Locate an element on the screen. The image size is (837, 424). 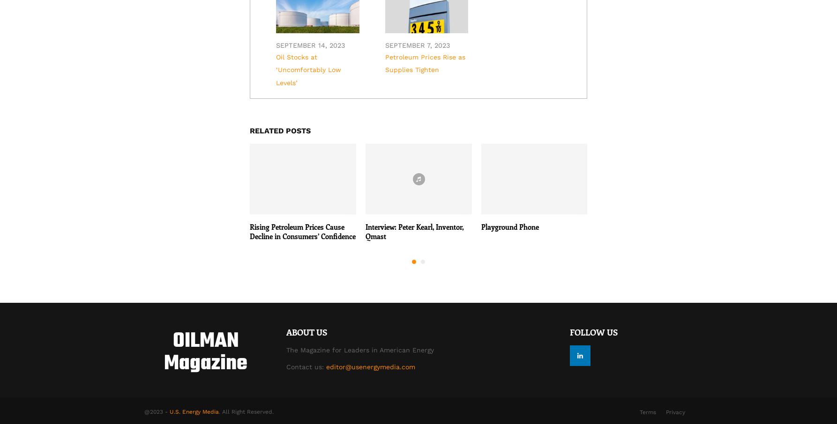
'Privacy' is located at coordinates (665, 412).